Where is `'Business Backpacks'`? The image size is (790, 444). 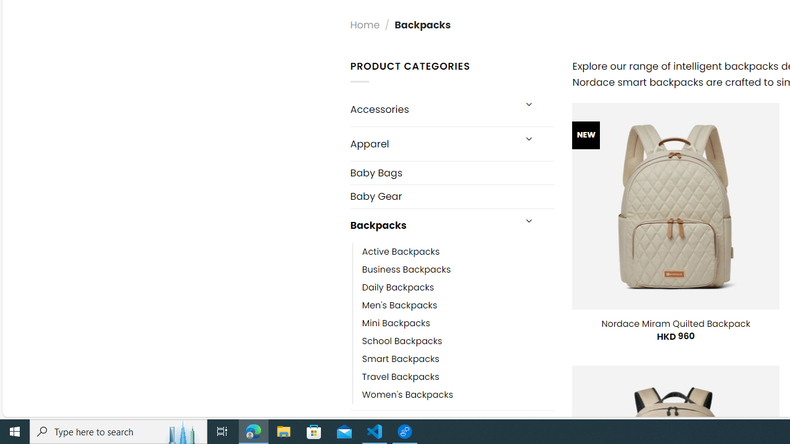 'Business Backpacks' is located at coordinates (406, 269).